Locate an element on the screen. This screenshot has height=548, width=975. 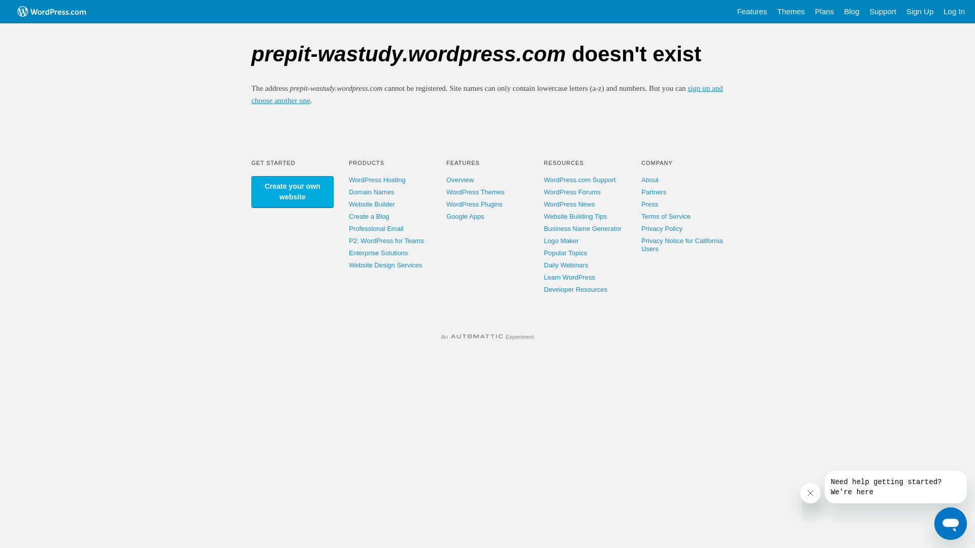
'Terms of Service' is located at coordinates (666, 216).